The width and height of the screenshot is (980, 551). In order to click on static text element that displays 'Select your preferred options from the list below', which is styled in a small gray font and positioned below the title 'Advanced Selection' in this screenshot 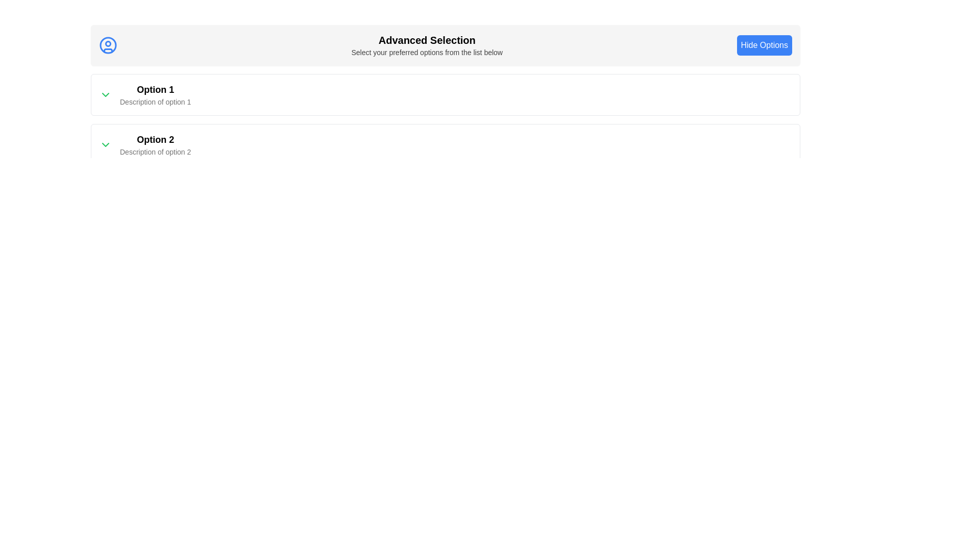, I will do `click(427, 53)`.